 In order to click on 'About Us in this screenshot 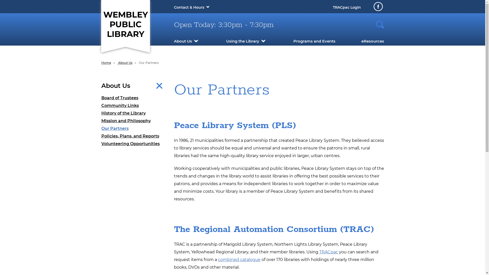, I will do `click(134, 85)`.